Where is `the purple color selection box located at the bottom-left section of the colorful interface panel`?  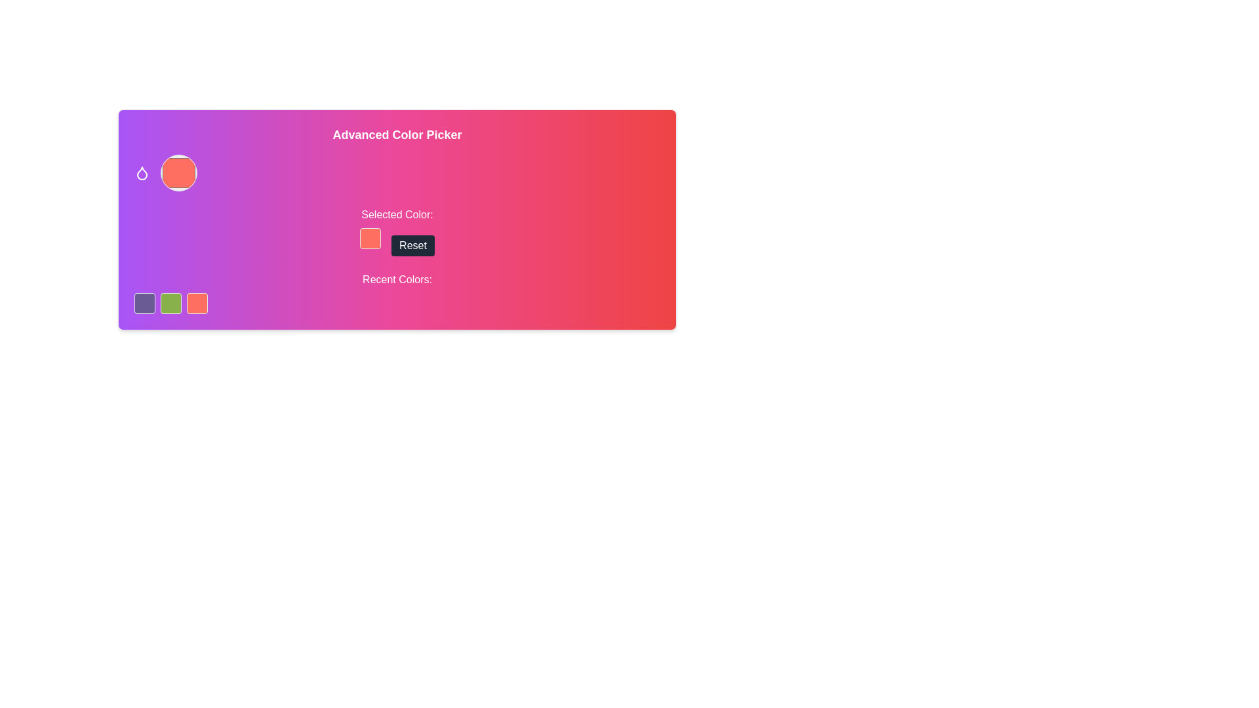 the purple color selection box located at the bottom-left section of the colorful interface panel is located at coordinates (144, 303).